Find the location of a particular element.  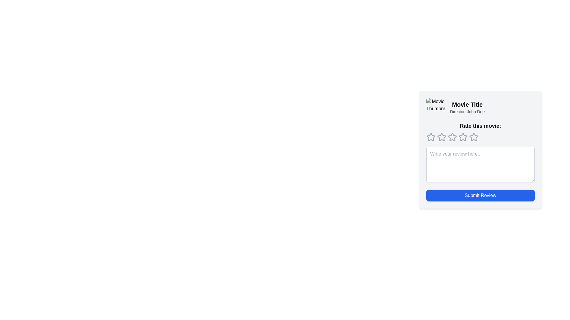

the fourth star icon in the rating section is located at coordinates (463, 137).